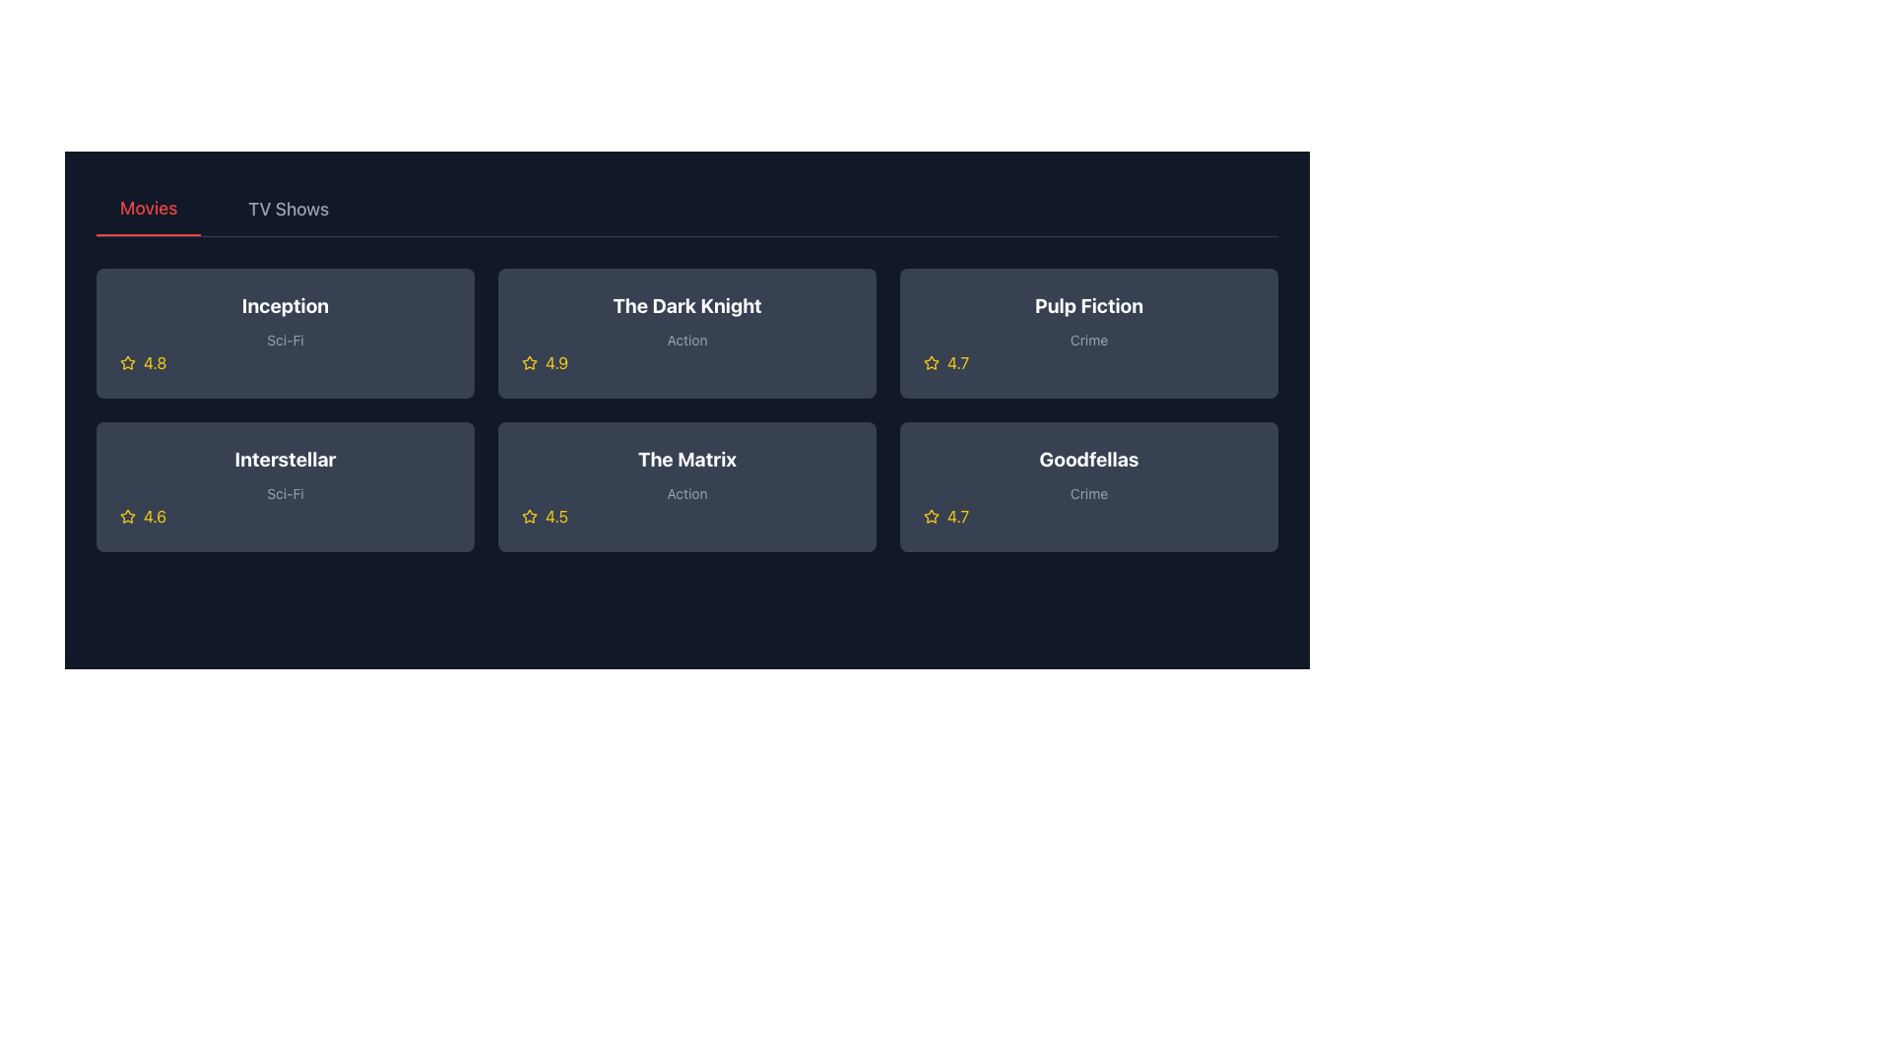 The height and width of the screenshot is (1063, 1891). Describe the element at coordinates (555, 363) in the screenshot. I see `the text label displaying the numerical rating for 'The Dark Knight', located to the right of the yellow star icon in the rating section of the movie card` at that location.